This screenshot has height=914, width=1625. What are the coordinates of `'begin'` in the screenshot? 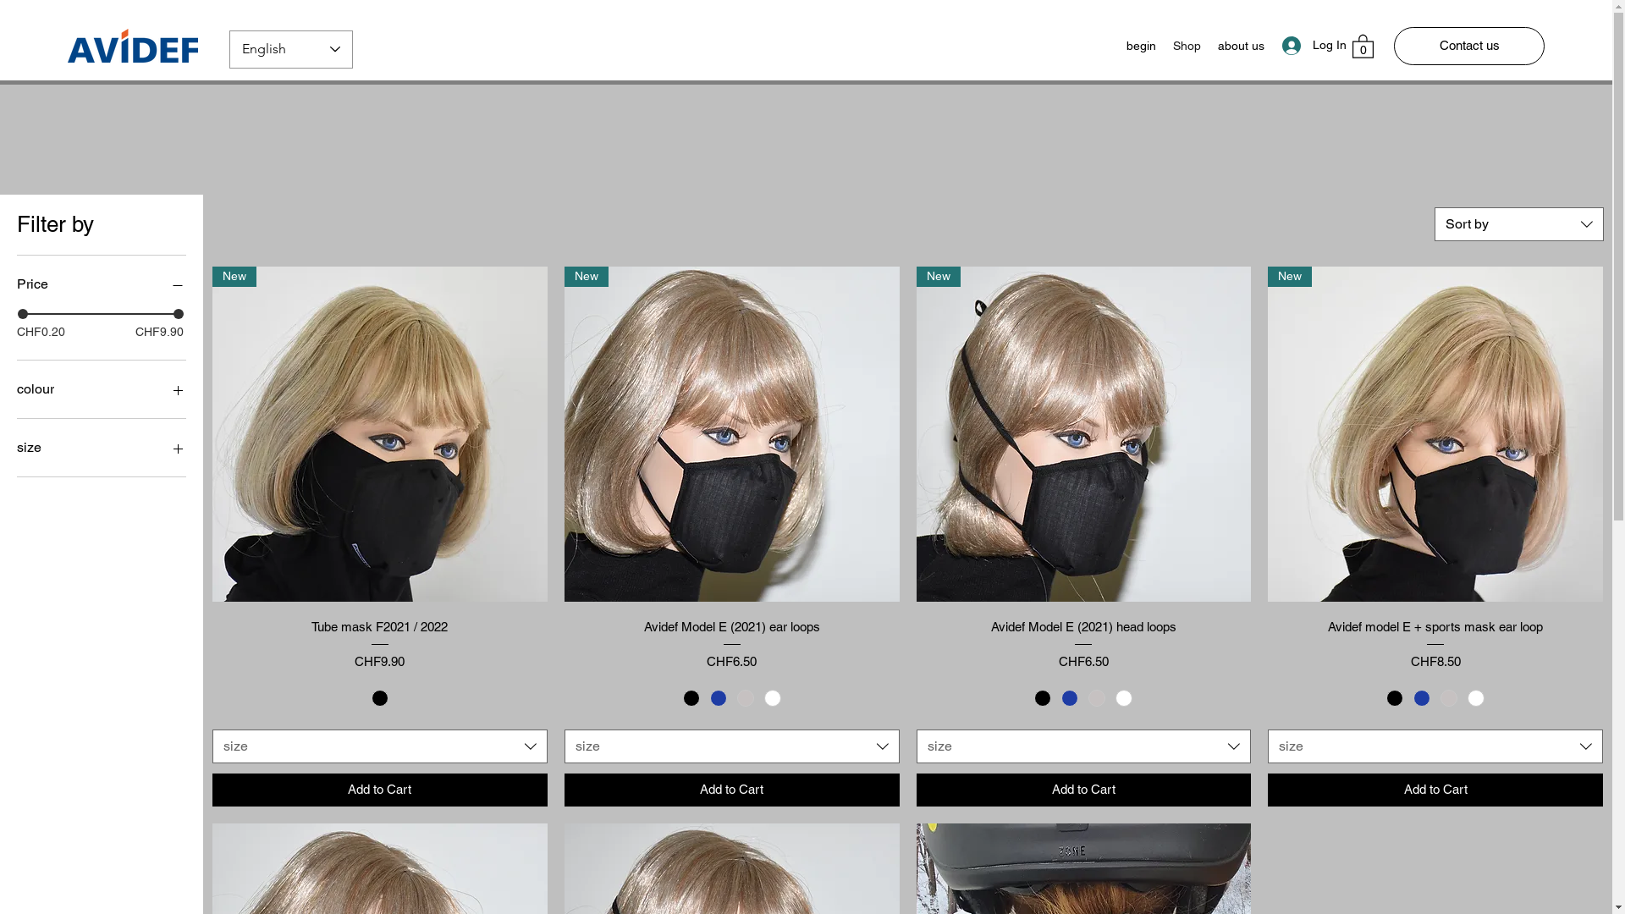 It's located at (1141, 45).